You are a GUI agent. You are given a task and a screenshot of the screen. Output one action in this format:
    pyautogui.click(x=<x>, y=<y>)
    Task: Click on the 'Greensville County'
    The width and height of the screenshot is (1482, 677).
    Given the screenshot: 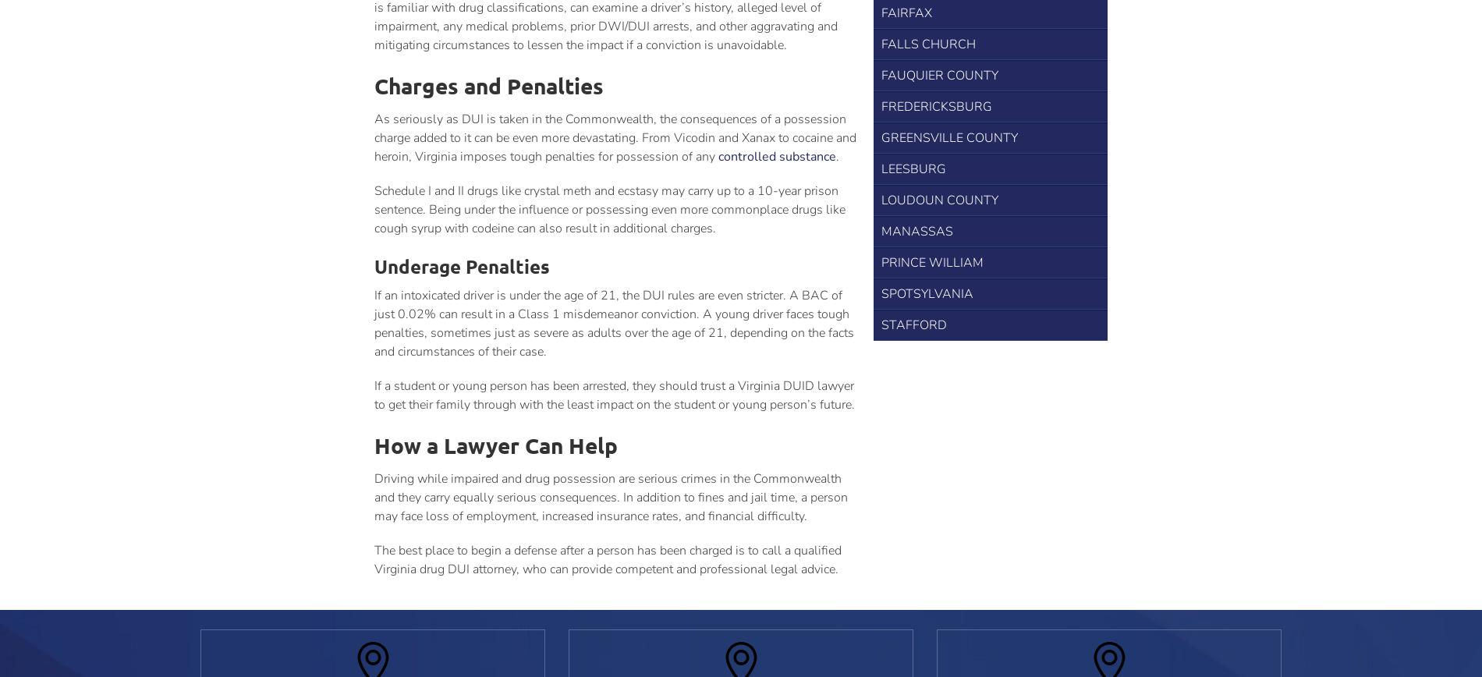 What is the action you would take?
    pyautogui.click(x=948, y=137)
    